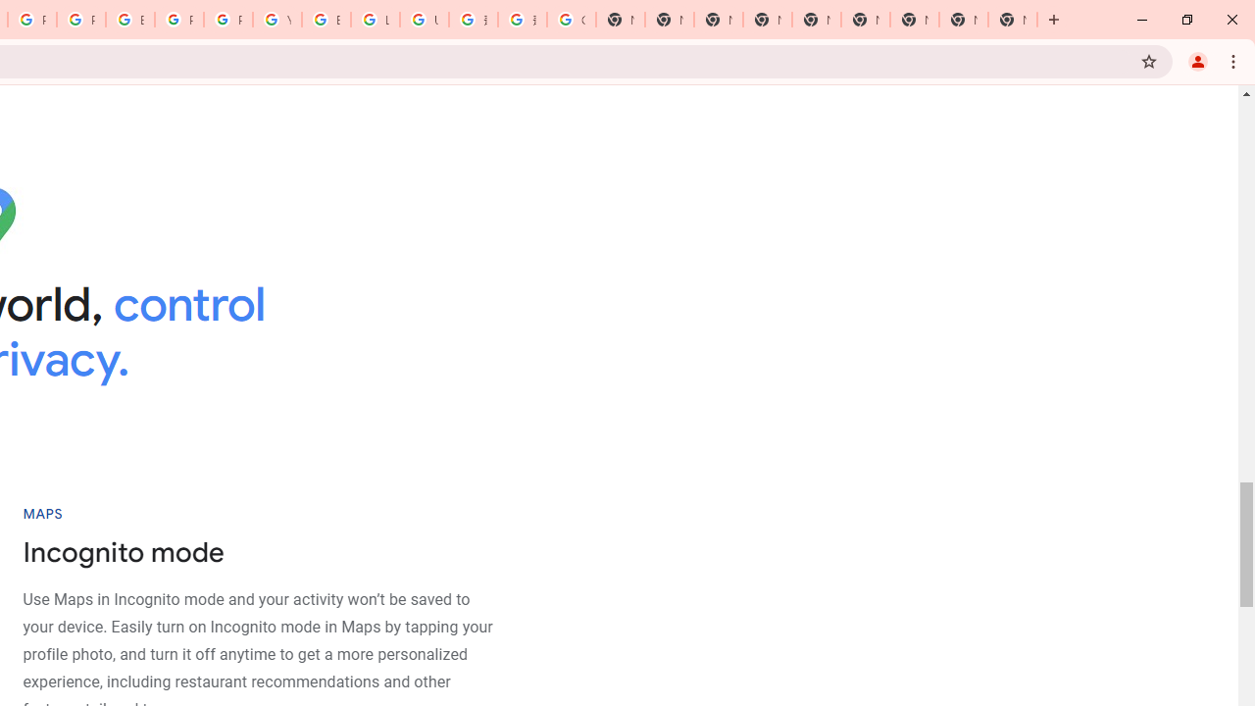 The width and height of the screenshot is (1255, 706). What do you see at coordinates (571, 20) in the screenshot?
I see `'Google Images'` at bounding box center [571, 20].